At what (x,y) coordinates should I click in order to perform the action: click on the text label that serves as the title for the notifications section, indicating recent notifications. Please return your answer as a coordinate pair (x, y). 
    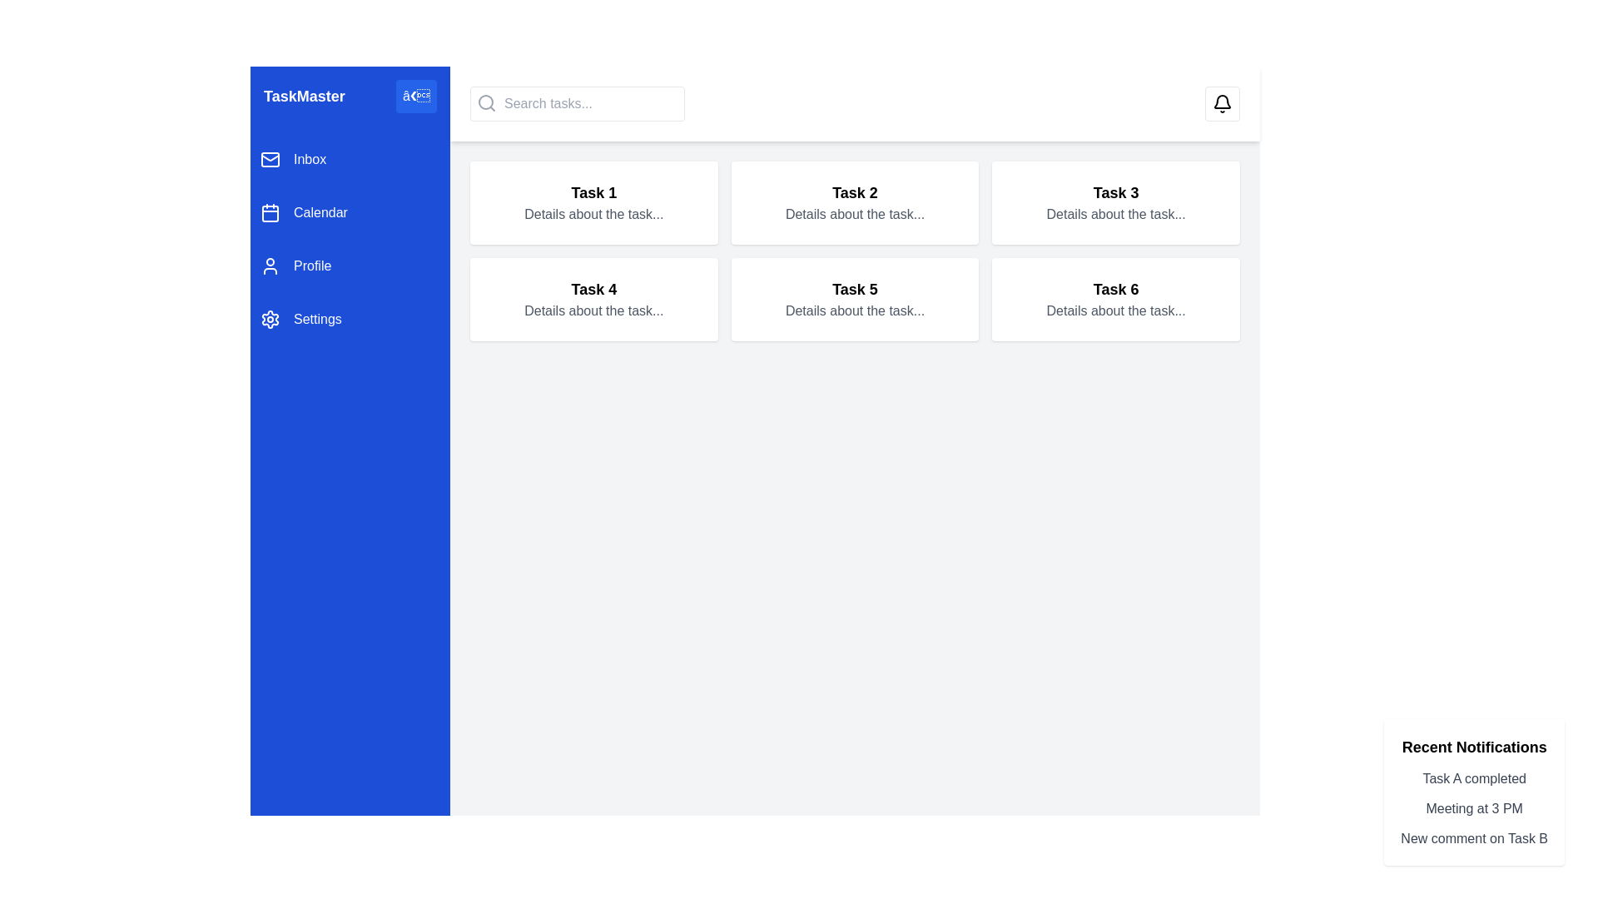
    Looking at the image, I should click on (1474, 747).